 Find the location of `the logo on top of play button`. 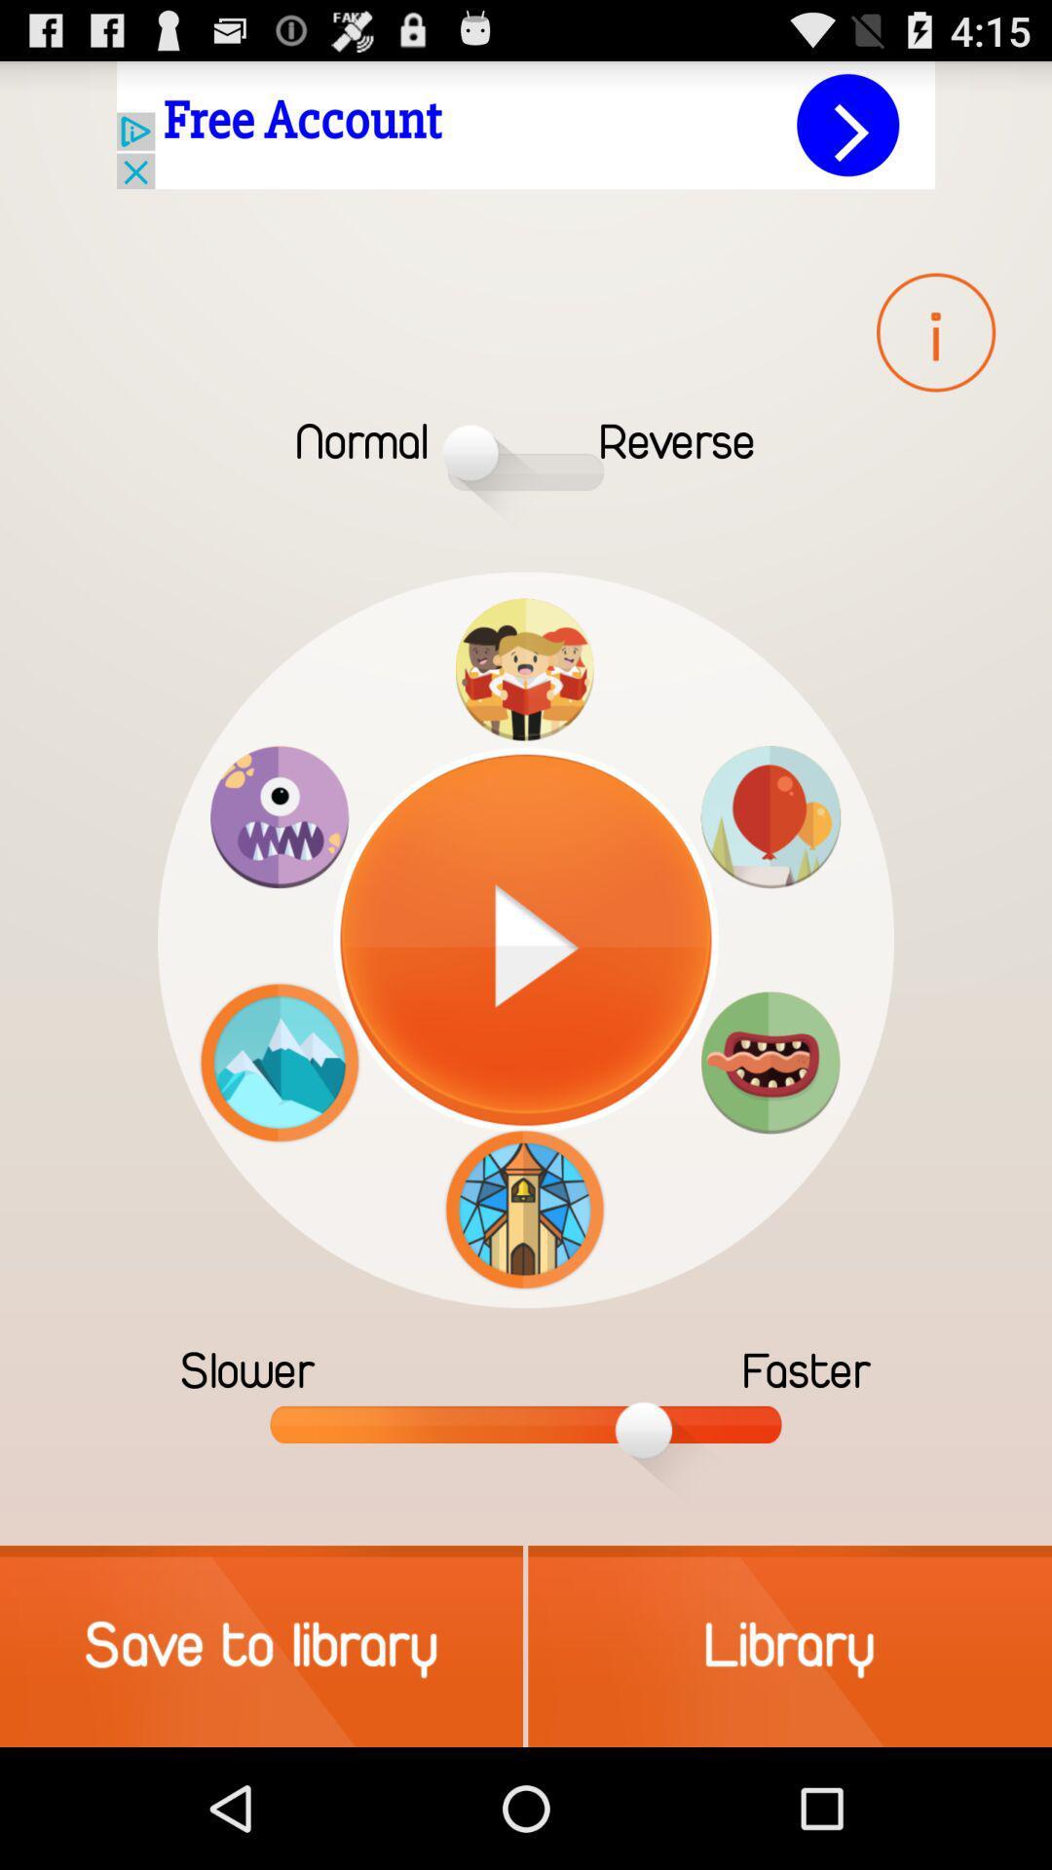

the logo on top of play button is located at coordinates (524, 669).